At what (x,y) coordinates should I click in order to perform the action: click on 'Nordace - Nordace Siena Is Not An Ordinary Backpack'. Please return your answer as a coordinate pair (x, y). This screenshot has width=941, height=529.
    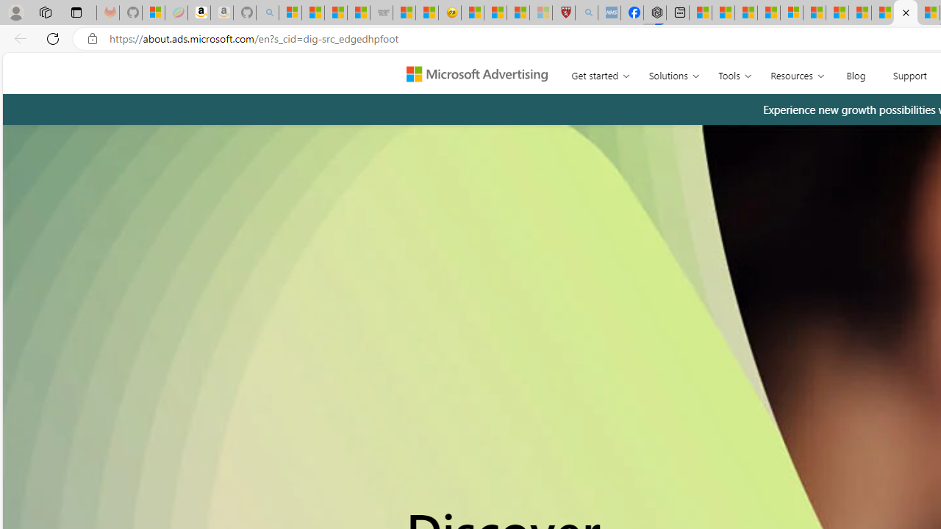
    Looking at the image, I should click on (654, 12).